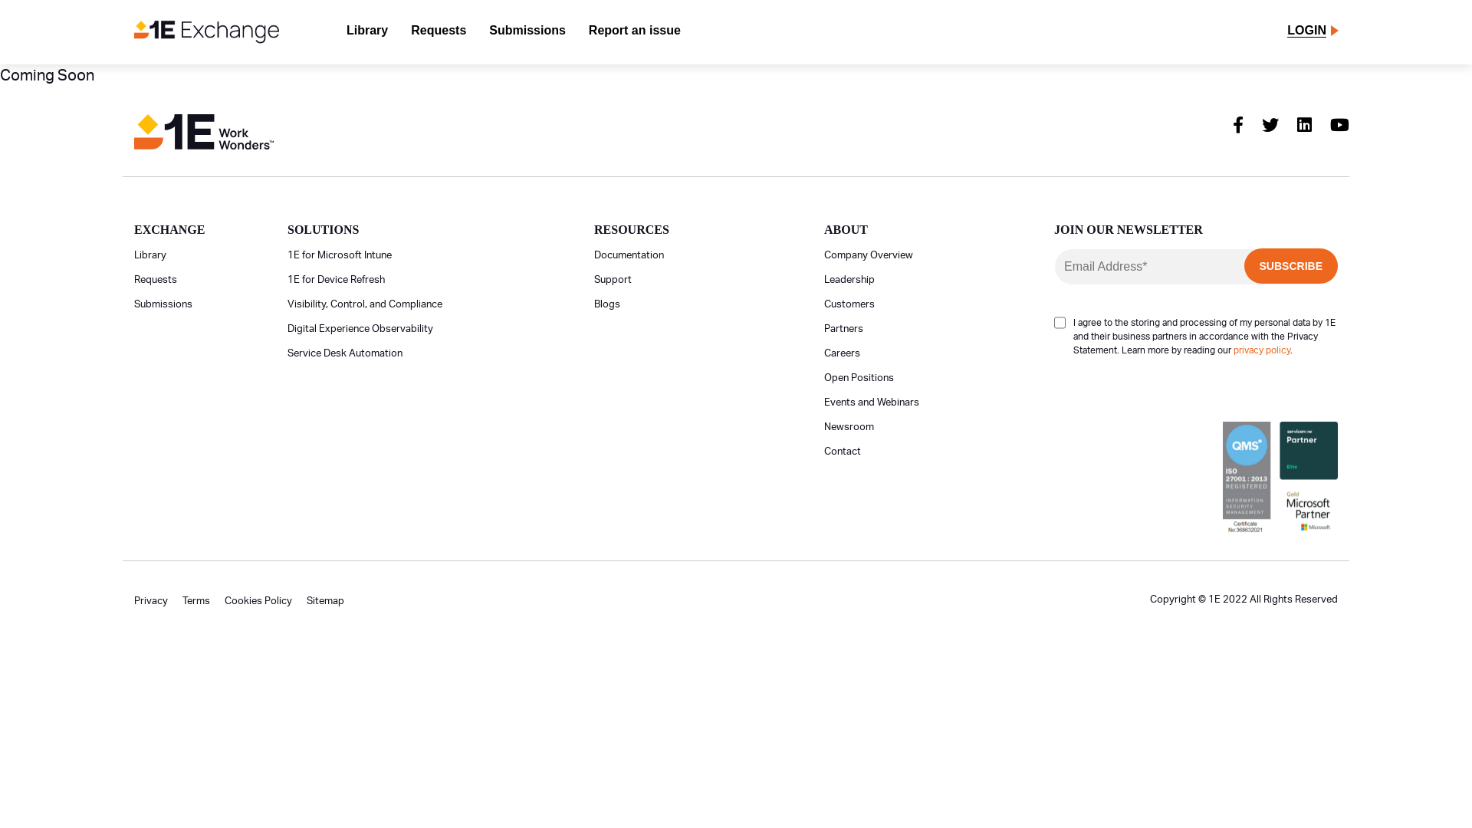 This screenshot has width=1472, height=828. I want to click on 'Cookies Policy', so click(258, 600).